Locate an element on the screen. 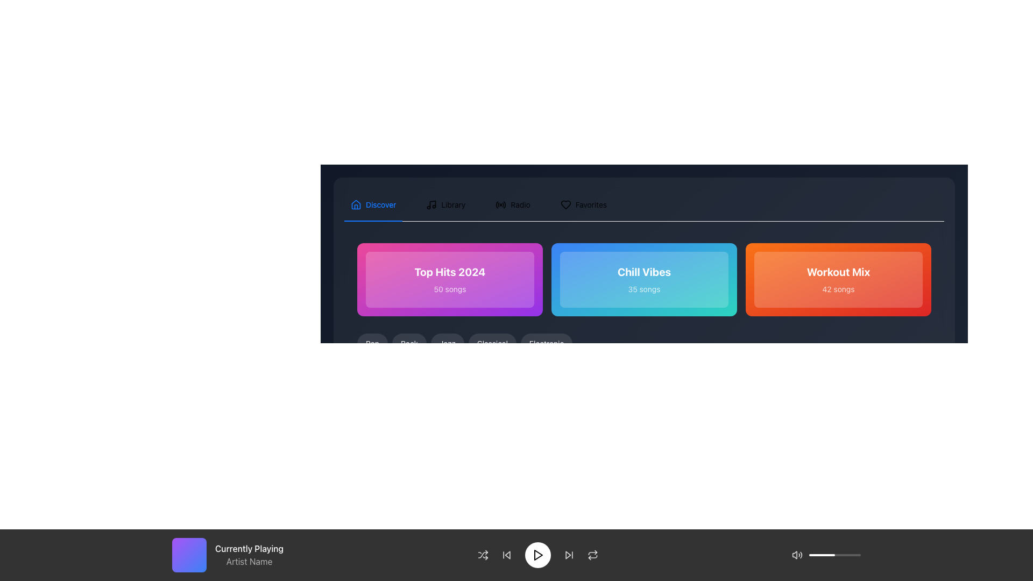 The image size is (1033, 581). the slider position is located at coordinates (817, 555).